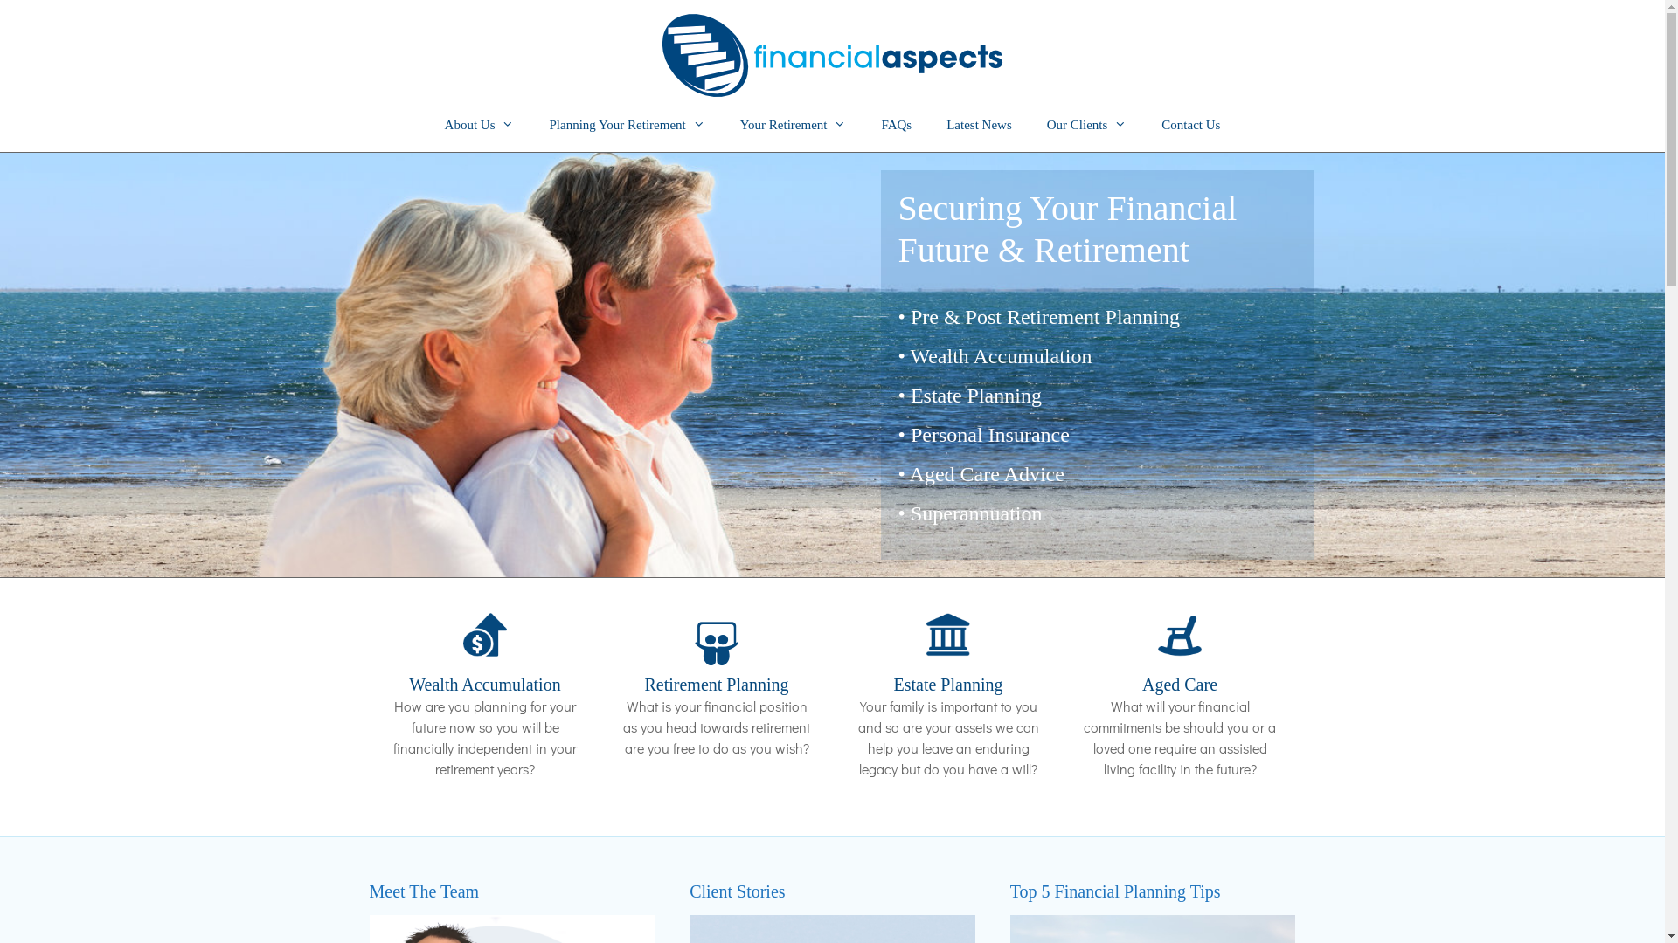 The width and height of the screenshot is (1678, 943). Describe the element at coordinates (849, 683) in the screenshot. I see `'Estate Planning'` at that location.